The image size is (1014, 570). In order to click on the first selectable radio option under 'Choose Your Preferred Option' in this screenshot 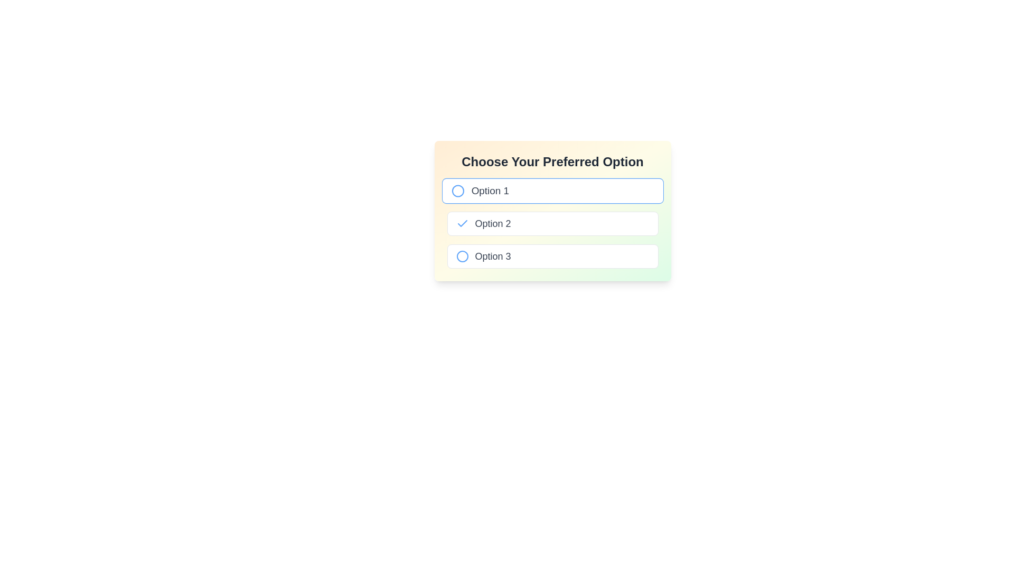, I will do `click(552, 191)`.